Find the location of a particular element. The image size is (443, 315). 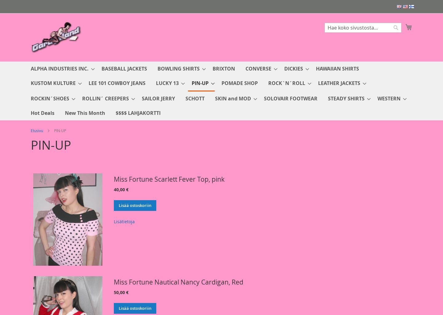

'SCHOTT' is located at coordinates (185, 98).